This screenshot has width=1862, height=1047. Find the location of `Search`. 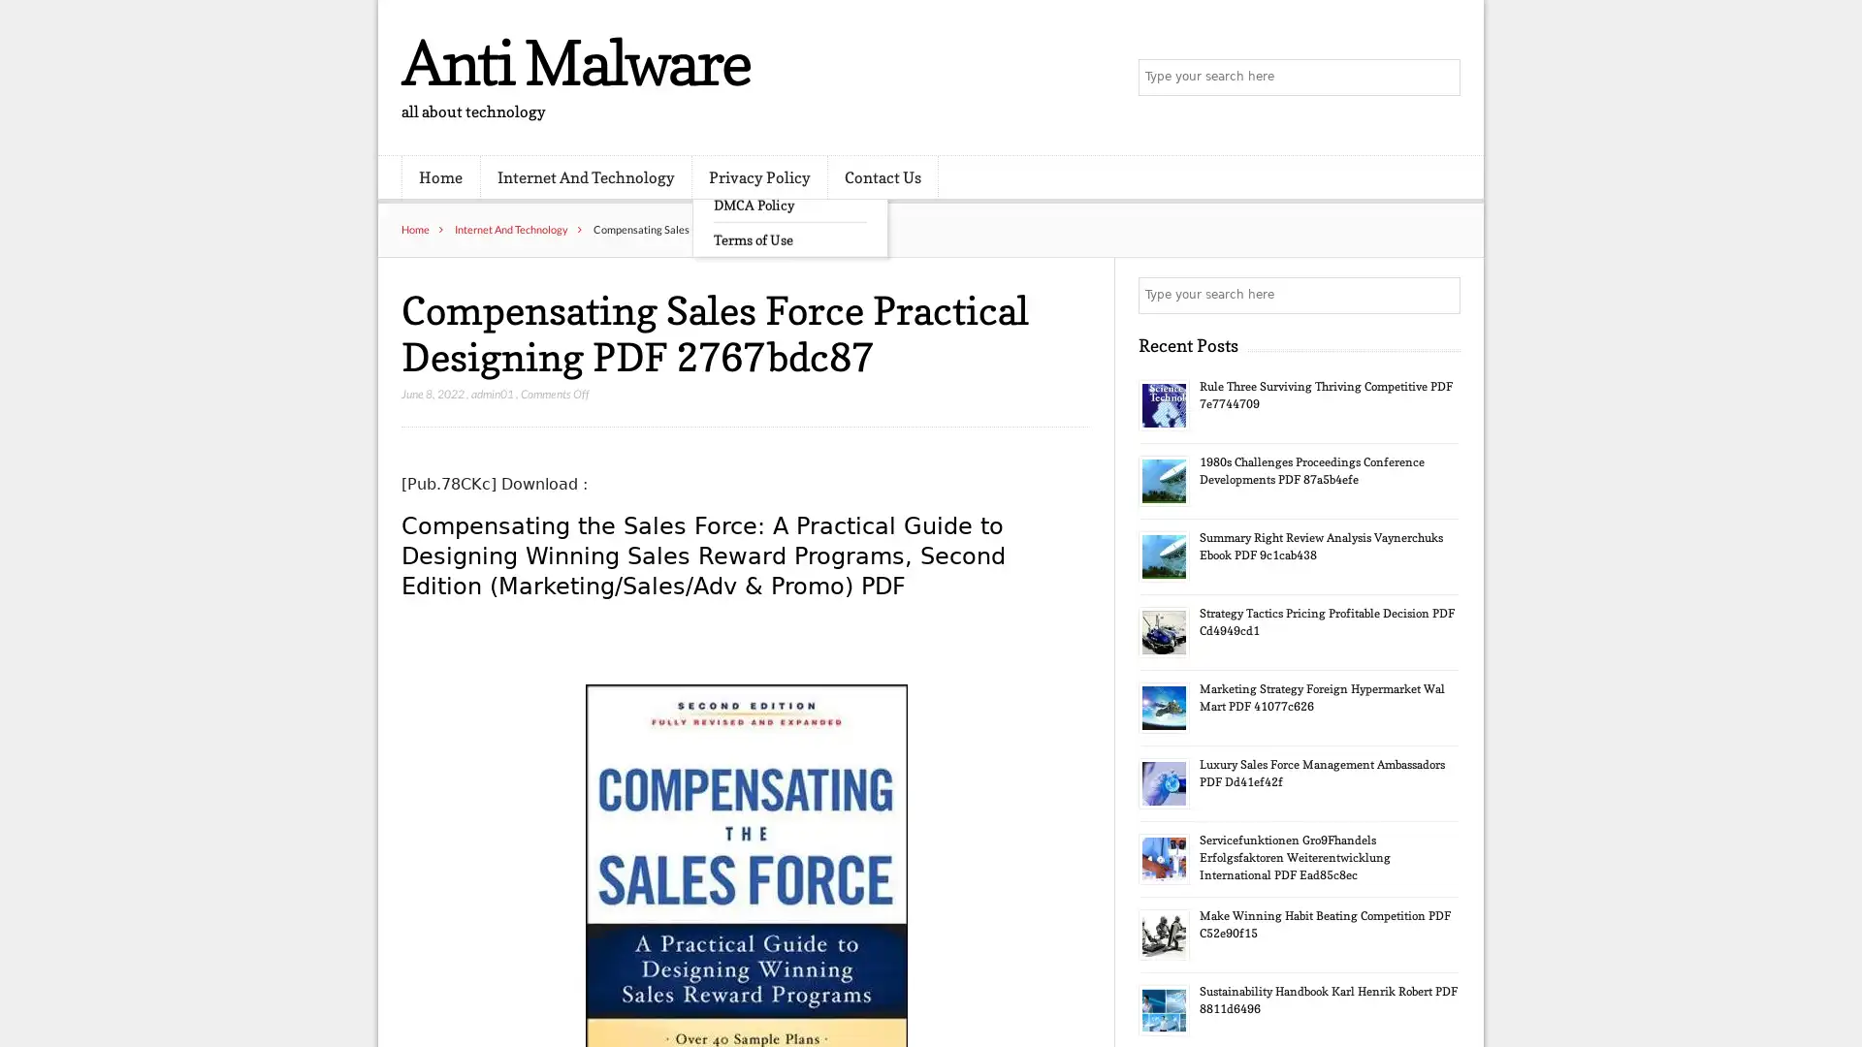

Search is located at coordinates (1440, 78).